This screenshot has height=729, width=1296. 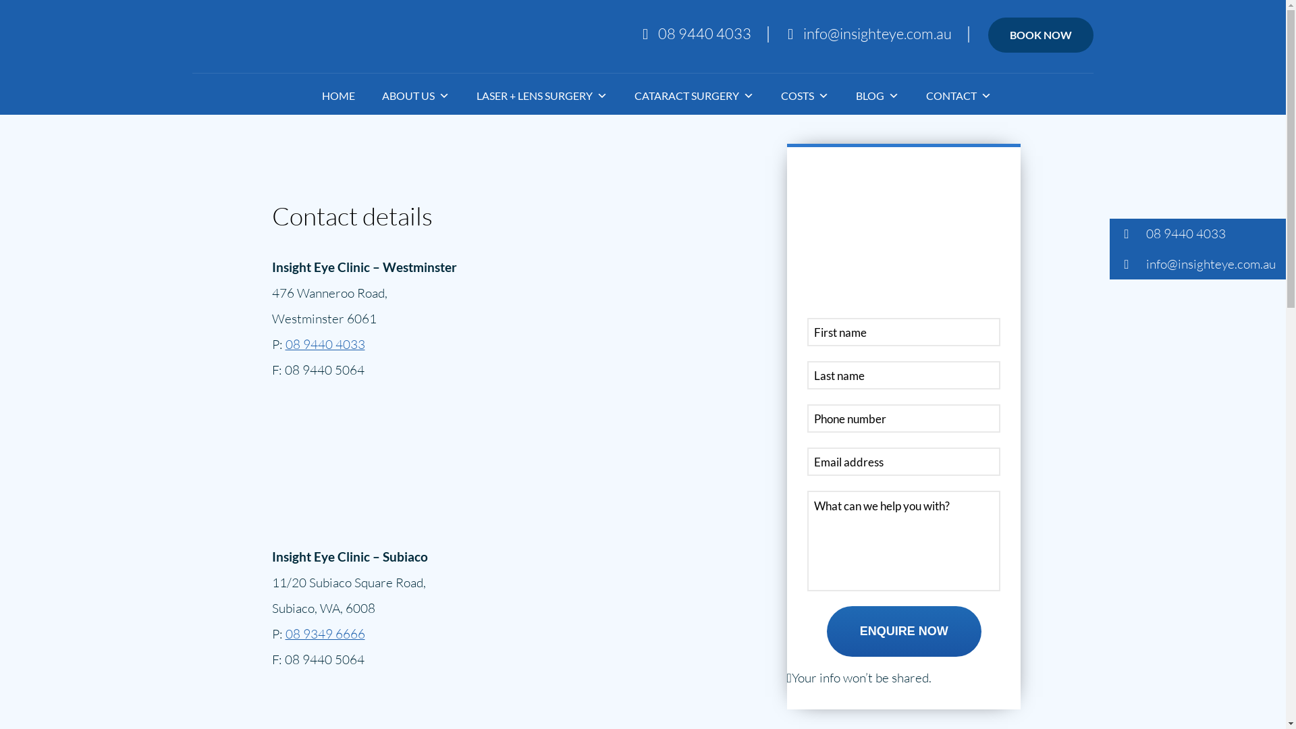 What do you see at coordinates (607, 95) in the screenshot?
I see `'CATARACT SURGERY'` at bounding box center [607, 95].